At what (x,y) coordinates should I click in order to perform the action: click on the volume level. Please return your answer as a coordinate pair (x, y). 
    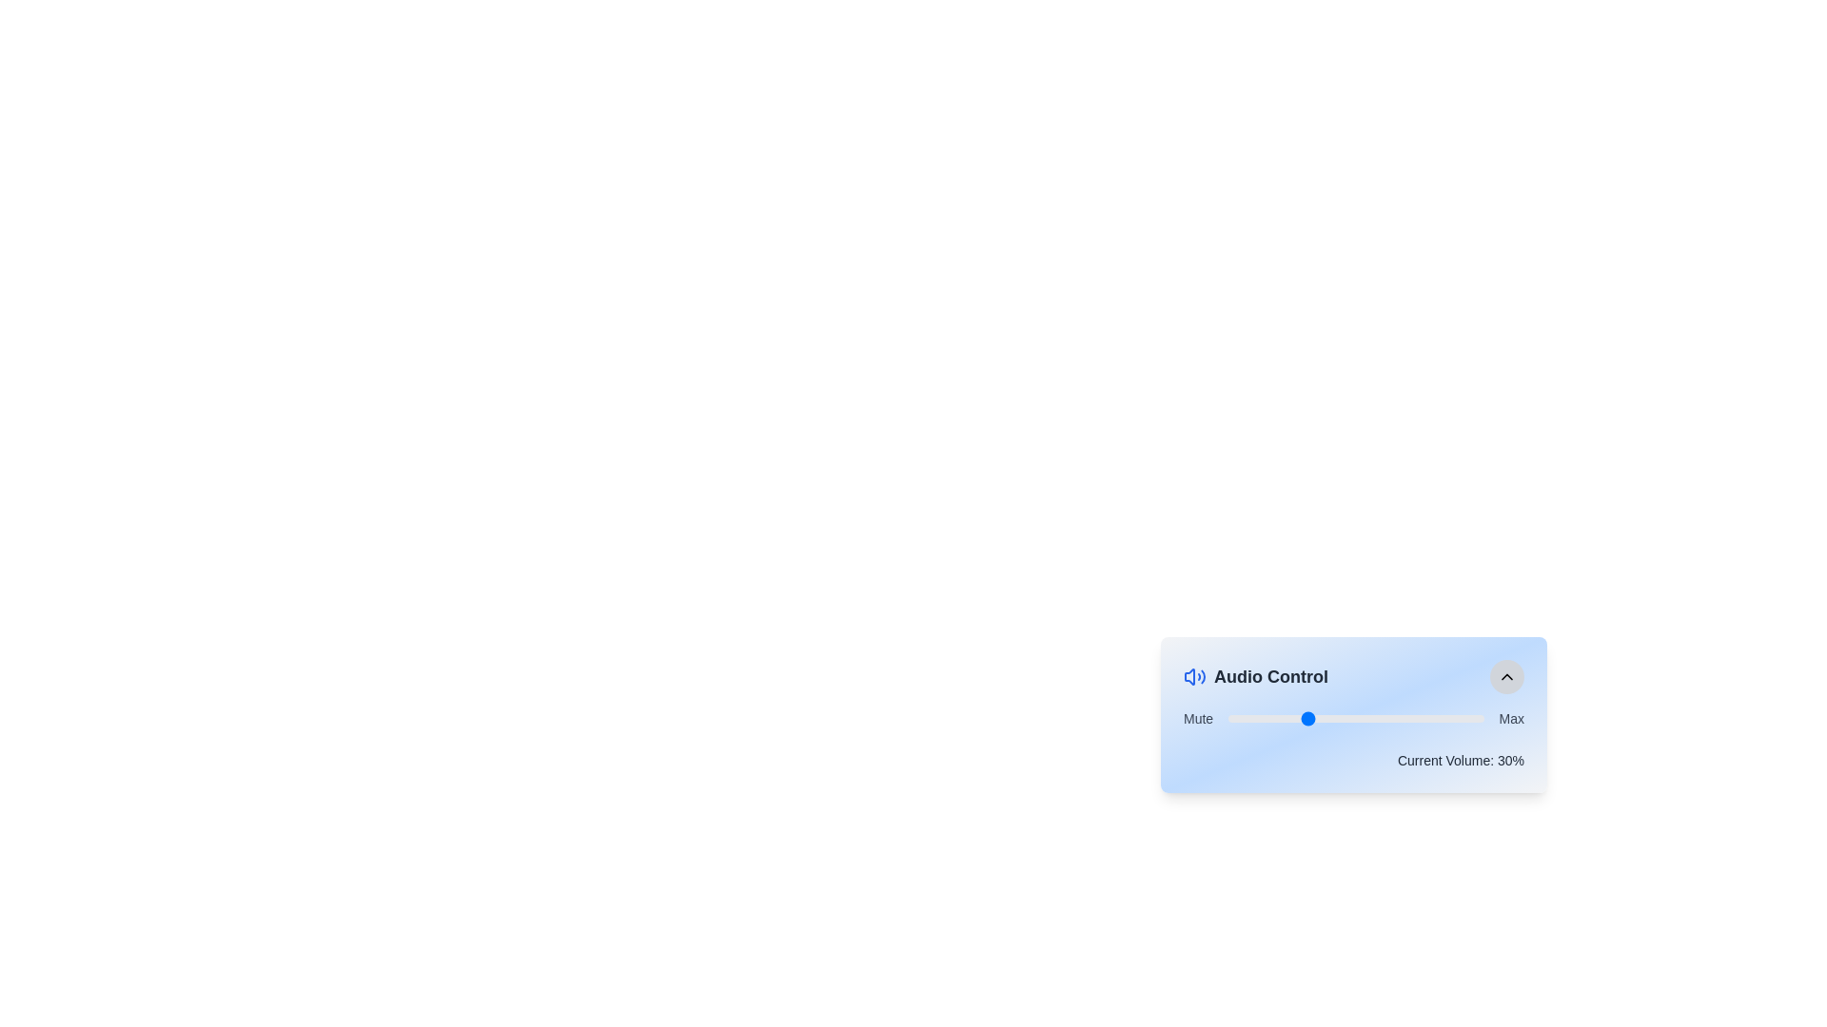
    Looking at the image, I should click on (1363, 719).